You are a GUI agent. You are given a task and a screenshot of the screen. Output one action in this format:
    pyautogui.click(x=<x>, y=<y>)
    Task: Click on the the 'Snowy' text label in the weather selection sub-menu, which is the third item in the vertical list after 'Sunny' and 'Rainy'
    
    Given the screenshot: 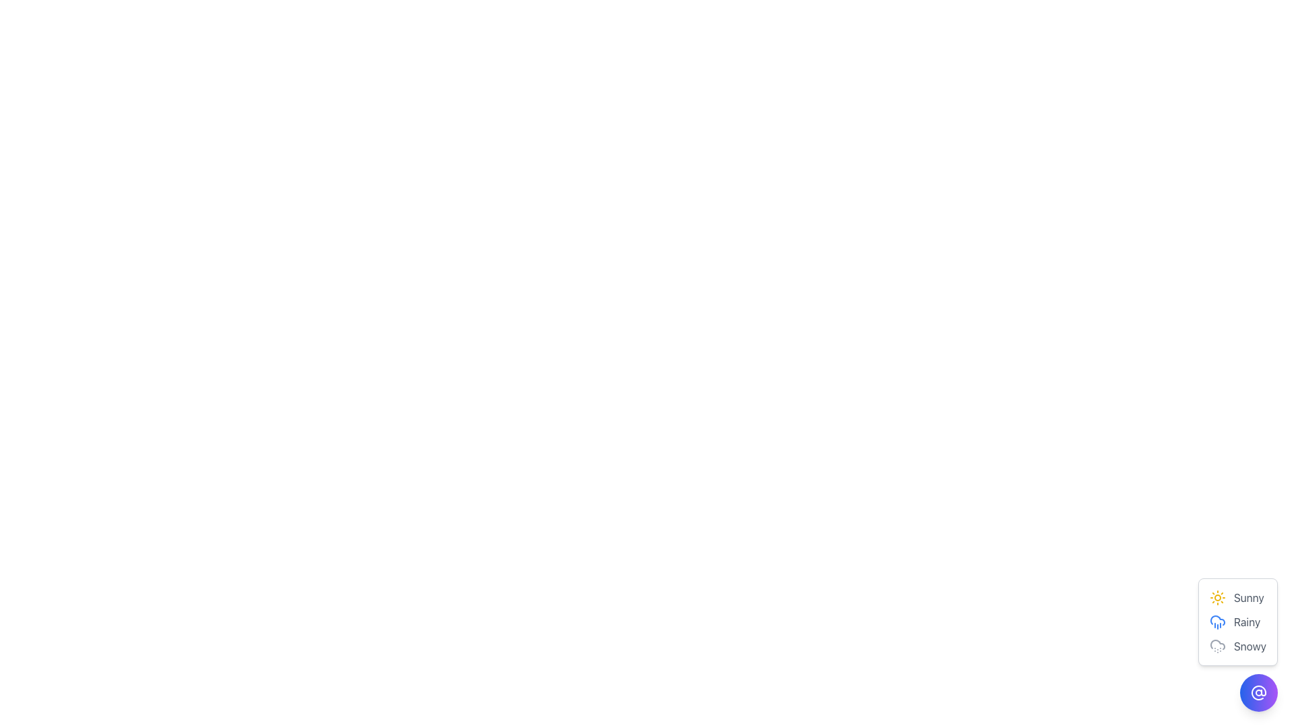 What is the action you would take?
    pyautogui.click(x=1249, y=646)
    